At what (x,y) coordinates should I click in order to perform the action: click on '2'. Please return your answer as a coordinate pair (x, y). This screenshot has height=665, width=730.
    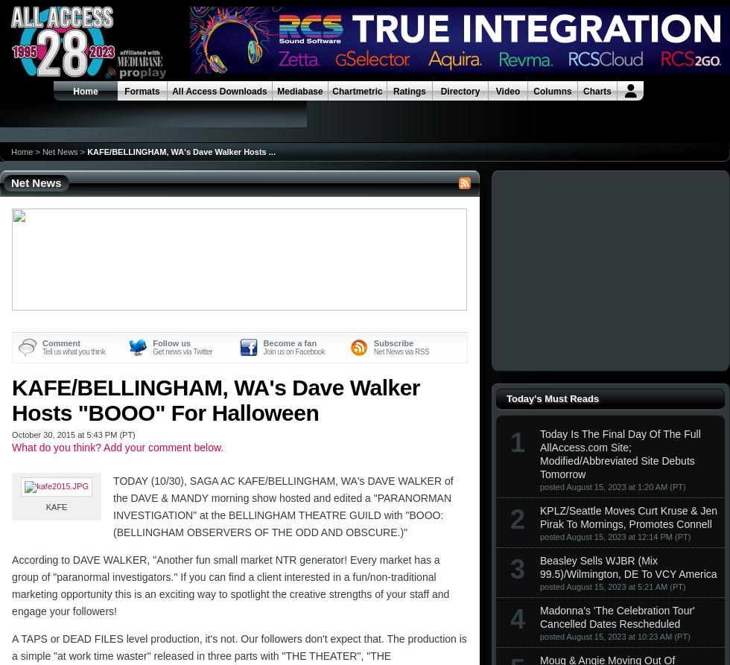
    Looking at the image, I should click on (517, 519).